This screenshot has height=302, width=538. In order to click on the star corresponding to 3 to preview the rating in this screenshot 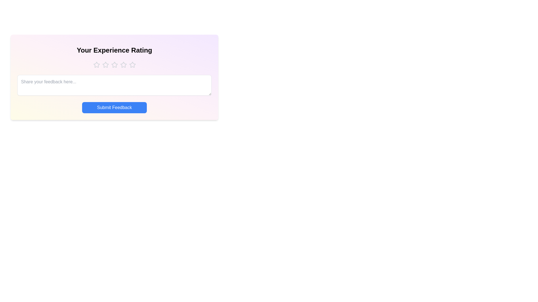, I will do `click(114, 64)`.